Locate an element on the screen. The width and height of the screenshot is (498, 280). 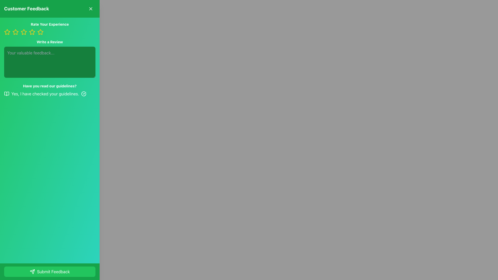
the 'Submit Feedback' button, a bright green rectangular button with rounded corners located at the bottom center of the feedback panel is located at coordinates (50, 271).